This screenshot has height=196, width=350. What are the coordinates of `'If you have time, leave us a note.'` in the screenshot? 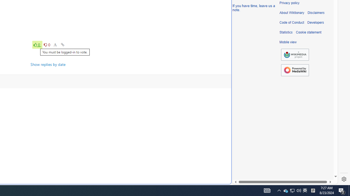 It's located at (253, 8).